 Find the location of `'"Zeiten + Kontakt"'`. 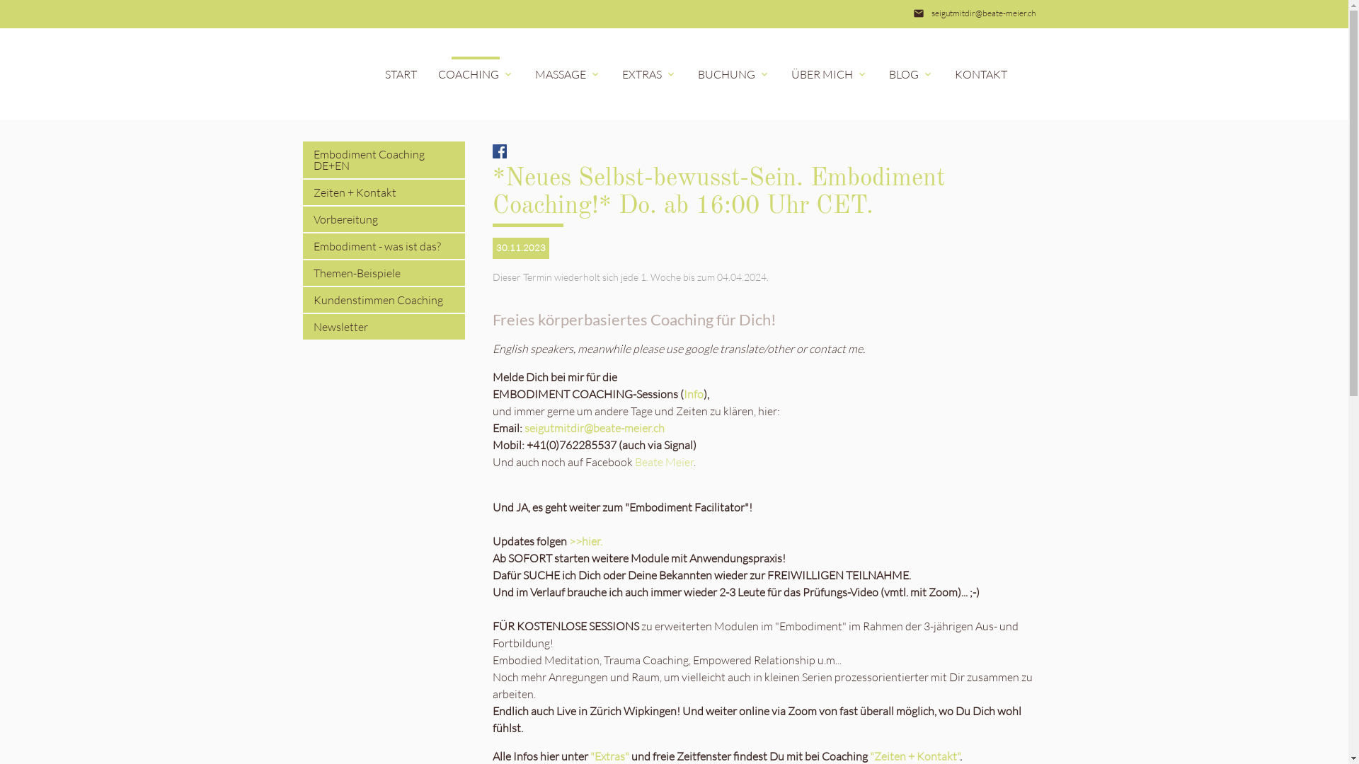

'"Zeiten + Kontakt"' is located at coordinates (914, 755).